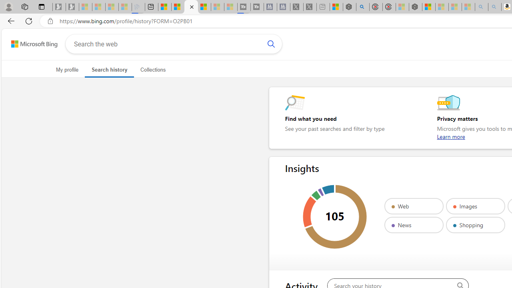 This screenshot has width=512, height=288. Describe the element at coordinates (41, 6) in the screenshot. I see `'Tab actions menu'` at that location.